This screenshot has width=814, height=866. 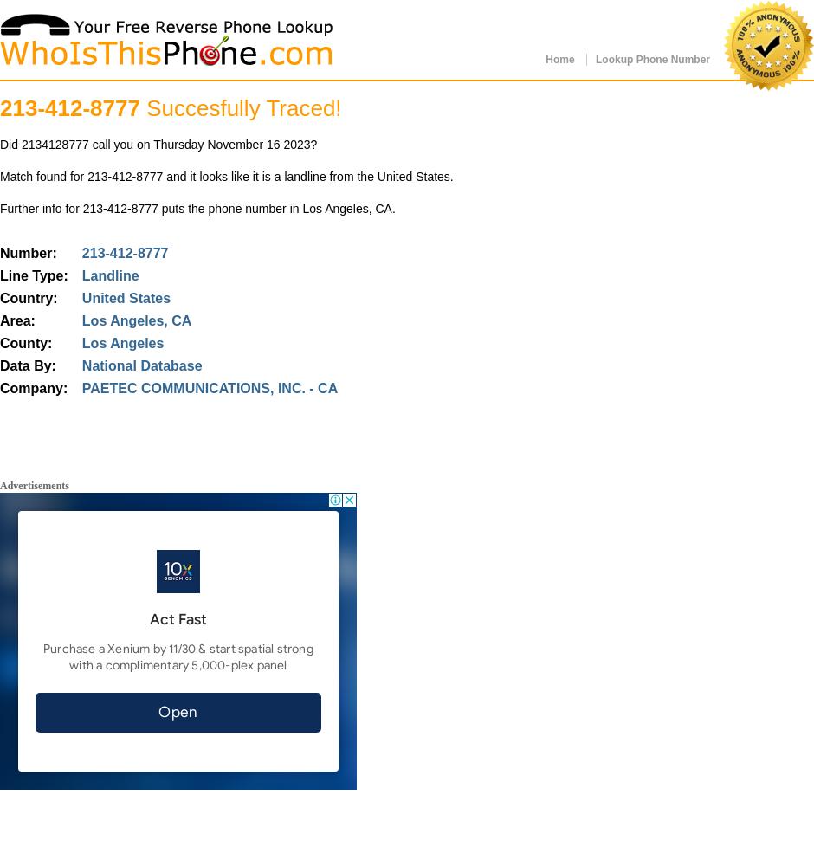 I want to click on 'United States', so click(x=125, y=297).